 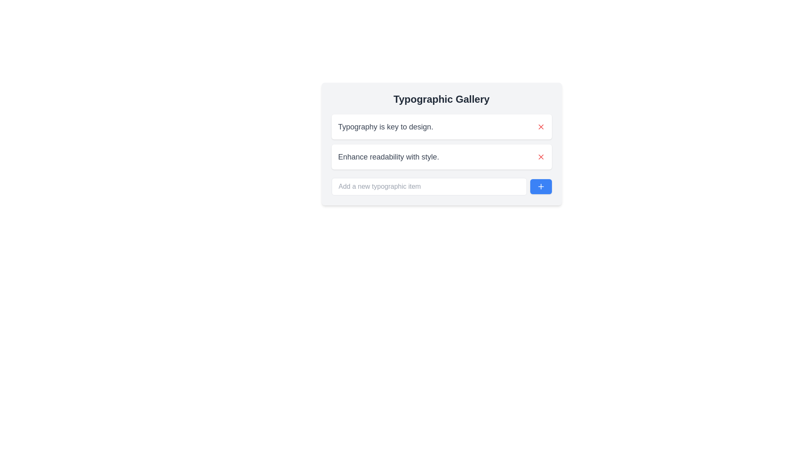 What do you see at coordinates (541, 157) in the screenshot?
I see `the 'X' icon in the top-right corner of the card displaying 'Enhance readability with style.'` at bounding box center [541, 157].